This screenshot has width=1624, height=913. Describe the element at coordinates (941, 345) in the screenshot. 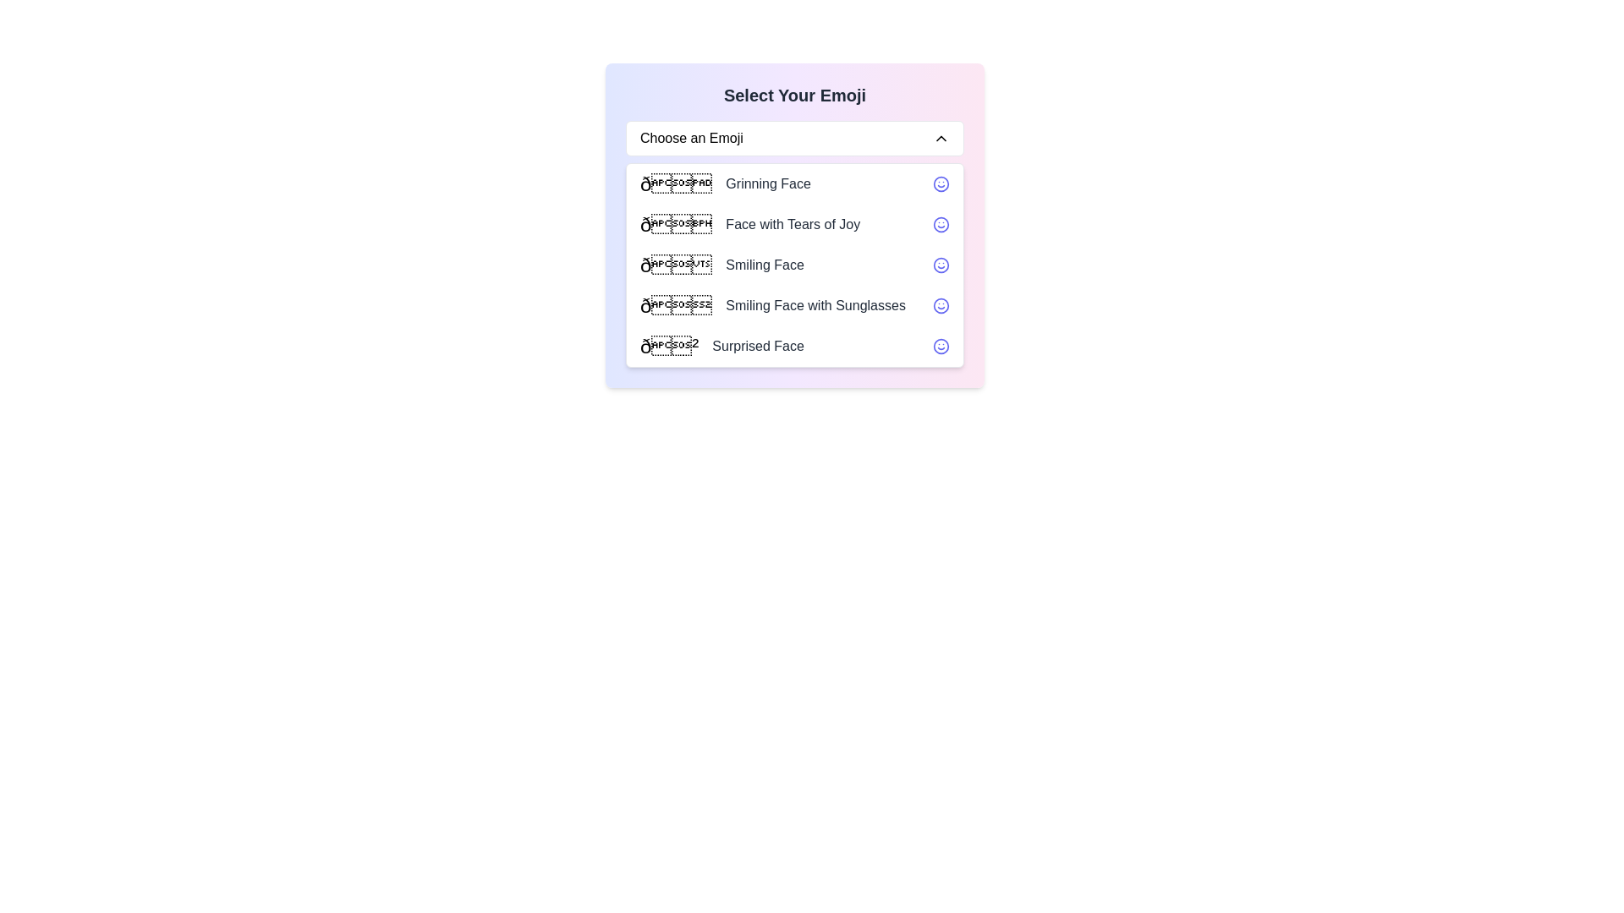

I see `the 'Surprised Face' emoji selection icon located in the far-right section of the fifth row of the emoji selection list` at that location.